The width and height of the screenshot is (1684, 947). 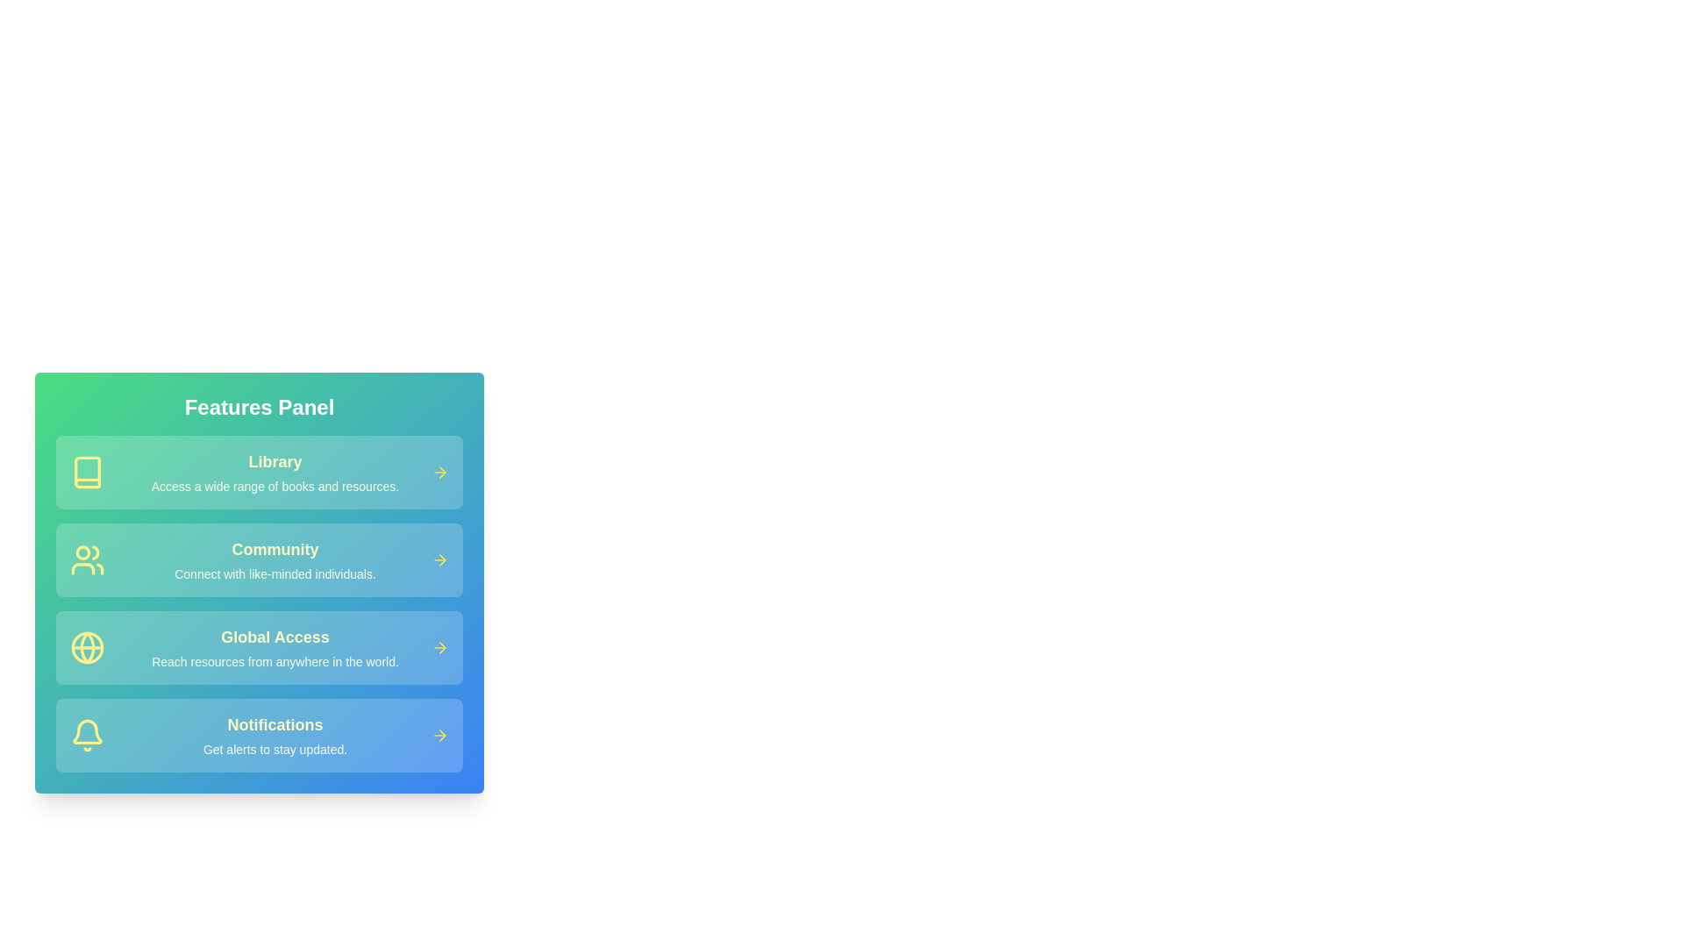 What do you see at coordinates (259, 472) in the screenshot?
I see `the feature card corresponding to Library` at bounding box center [259, 472].